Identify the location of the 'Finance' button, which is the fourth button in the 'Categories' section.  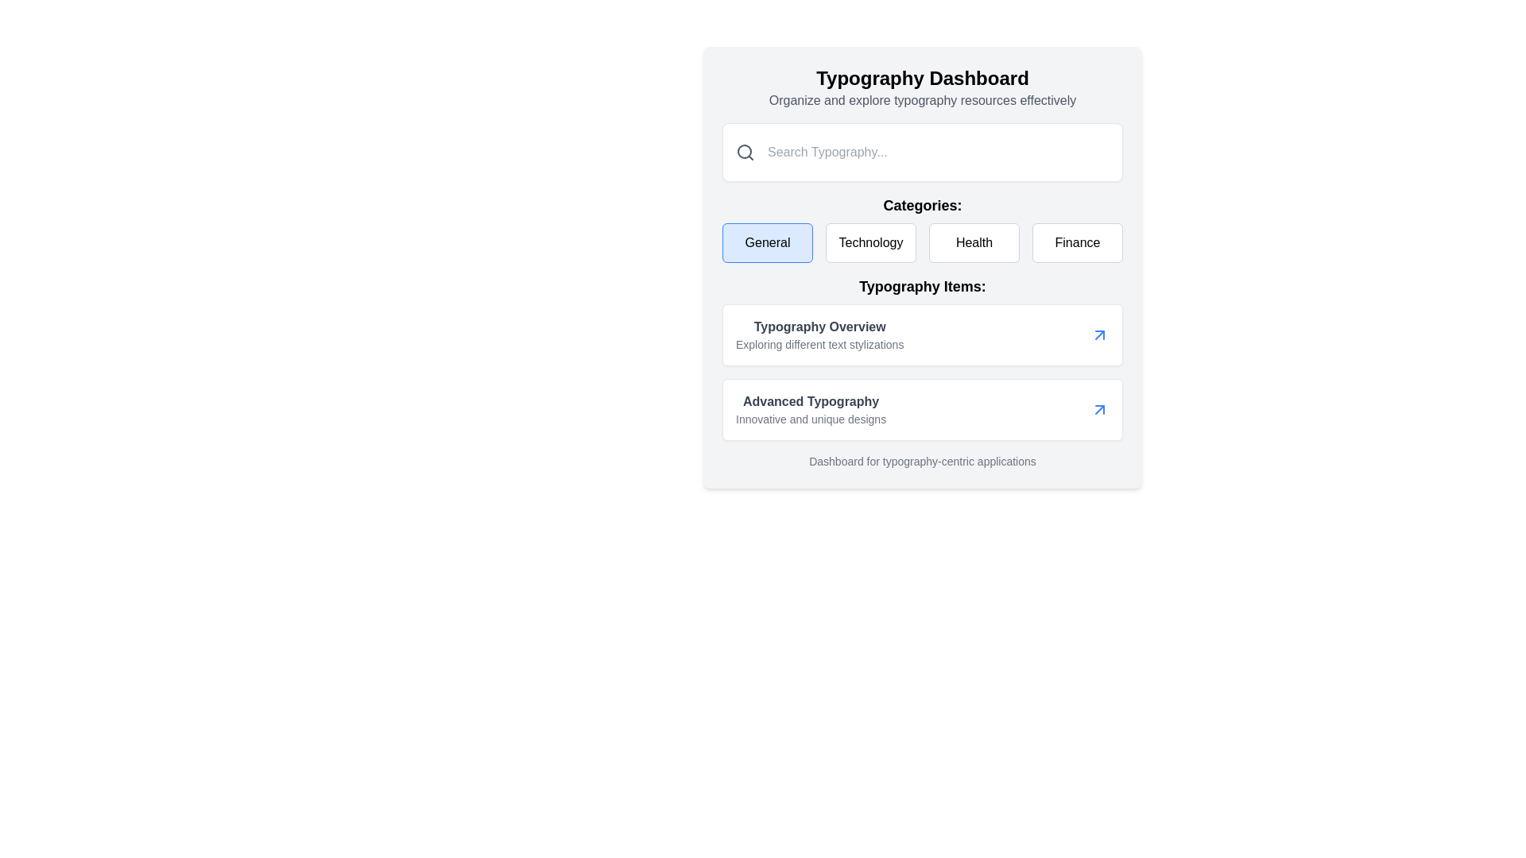
(1078, 242).